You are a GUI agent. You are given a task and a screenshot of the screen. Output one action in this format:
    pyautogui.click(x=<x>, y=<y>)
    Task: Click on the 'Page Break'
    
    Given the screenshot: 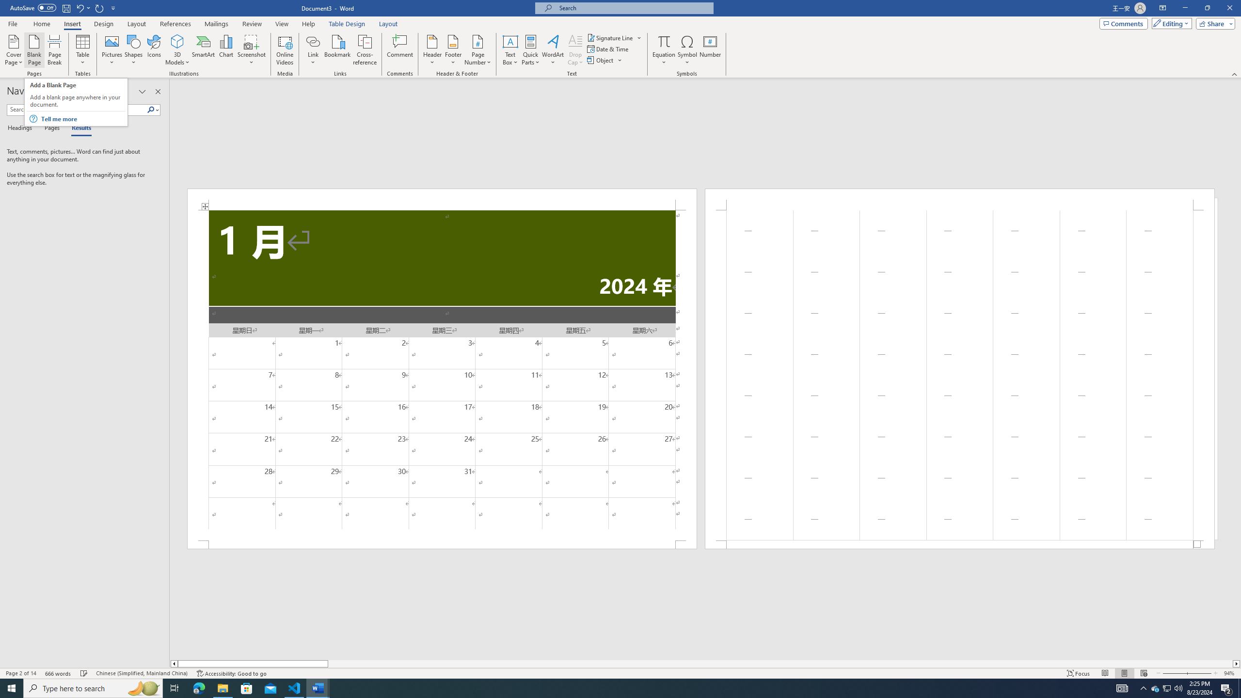 What is the action you would take?
    pyautogui.click(x=54, y=50)
    